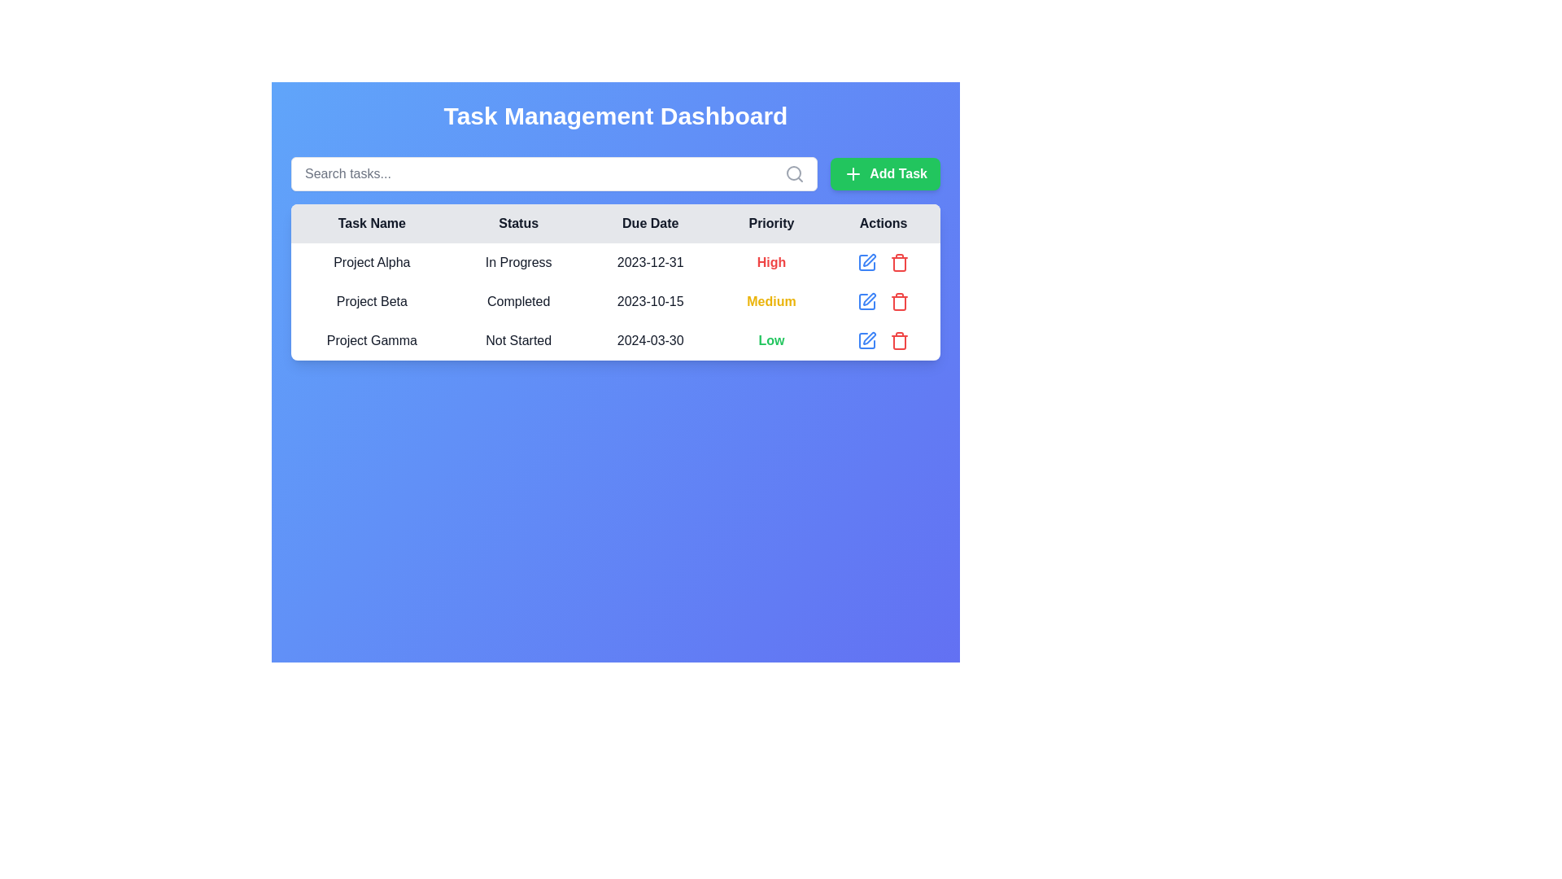 The height and width of the screenshot is (879, 1562). Describe the element at coordinates (883, 262) in the screenshot. I see `the delete icon located in the 'Actions' column of the first row corresponding to 'Project Alpha' in the task management table` at that location.